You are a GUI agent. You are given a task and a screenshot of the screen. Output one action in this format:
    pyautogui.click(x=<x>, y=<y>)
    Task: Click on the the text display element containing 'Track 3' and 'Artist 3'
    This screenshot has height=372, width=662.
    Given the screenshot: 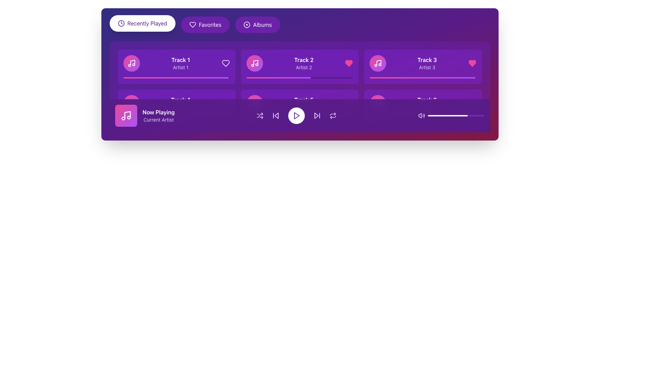 What is the action you would take?
    pyautogui.click(x=427, y=63)
    